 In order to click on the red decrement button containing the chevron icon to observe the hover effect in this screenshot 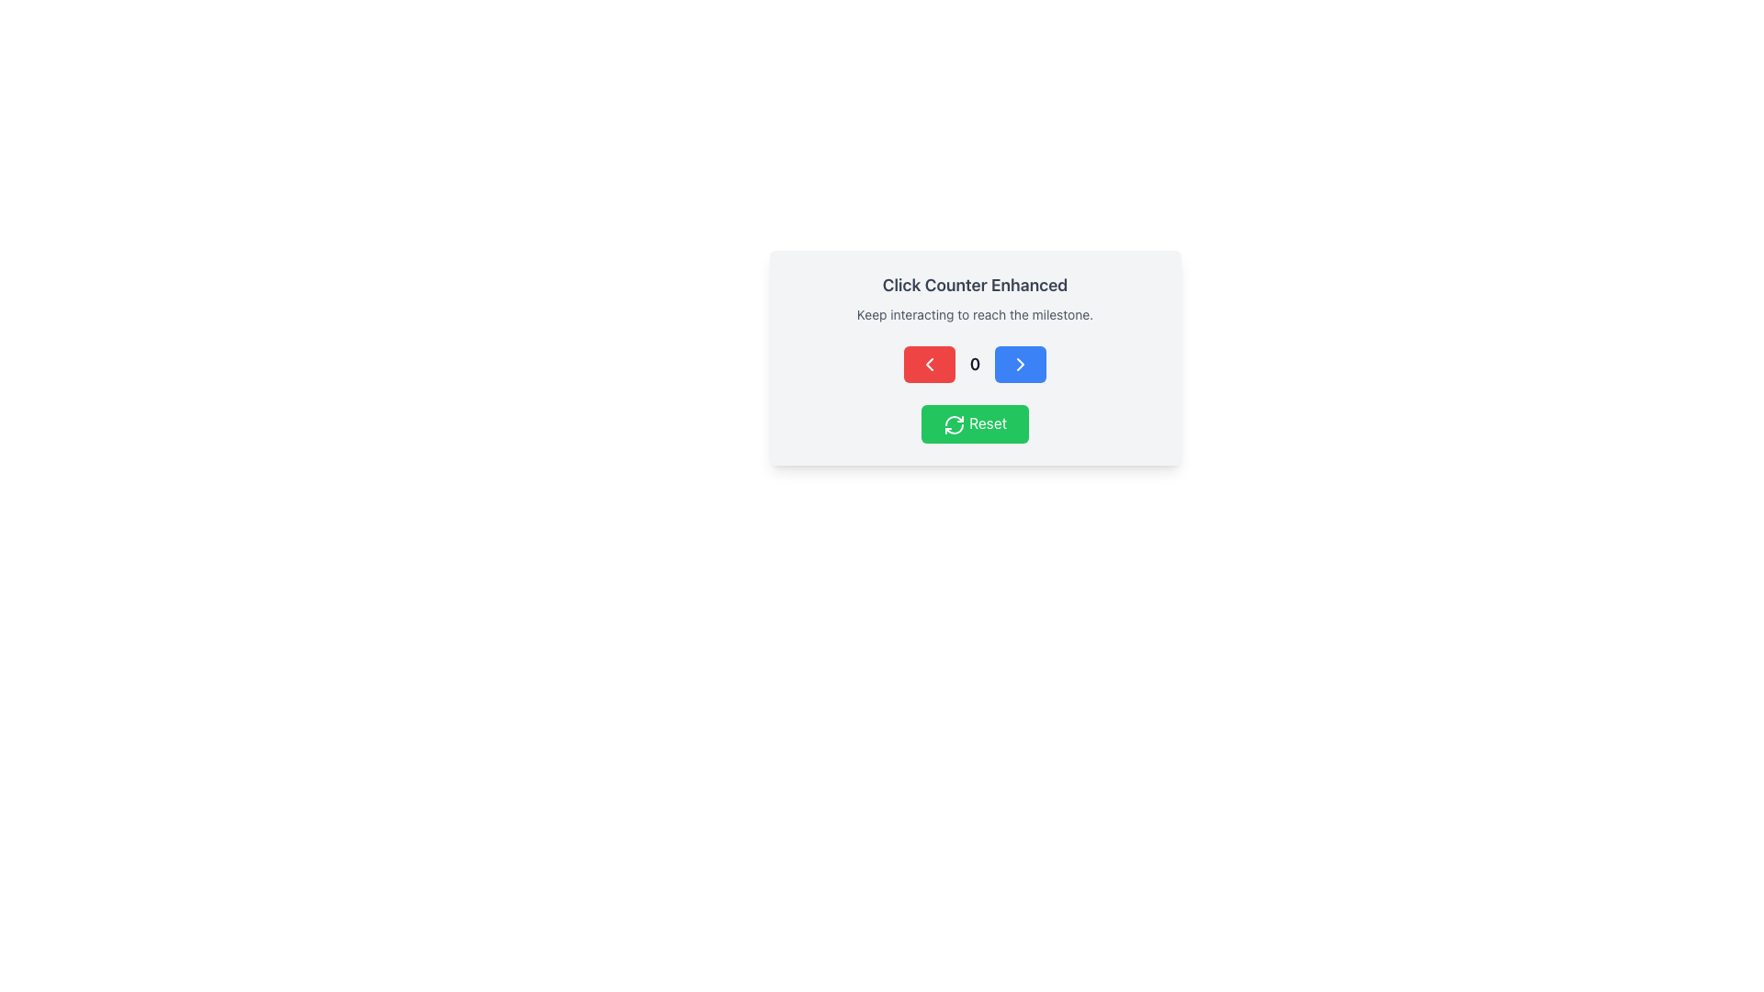, I will do `click(929, 365)`.